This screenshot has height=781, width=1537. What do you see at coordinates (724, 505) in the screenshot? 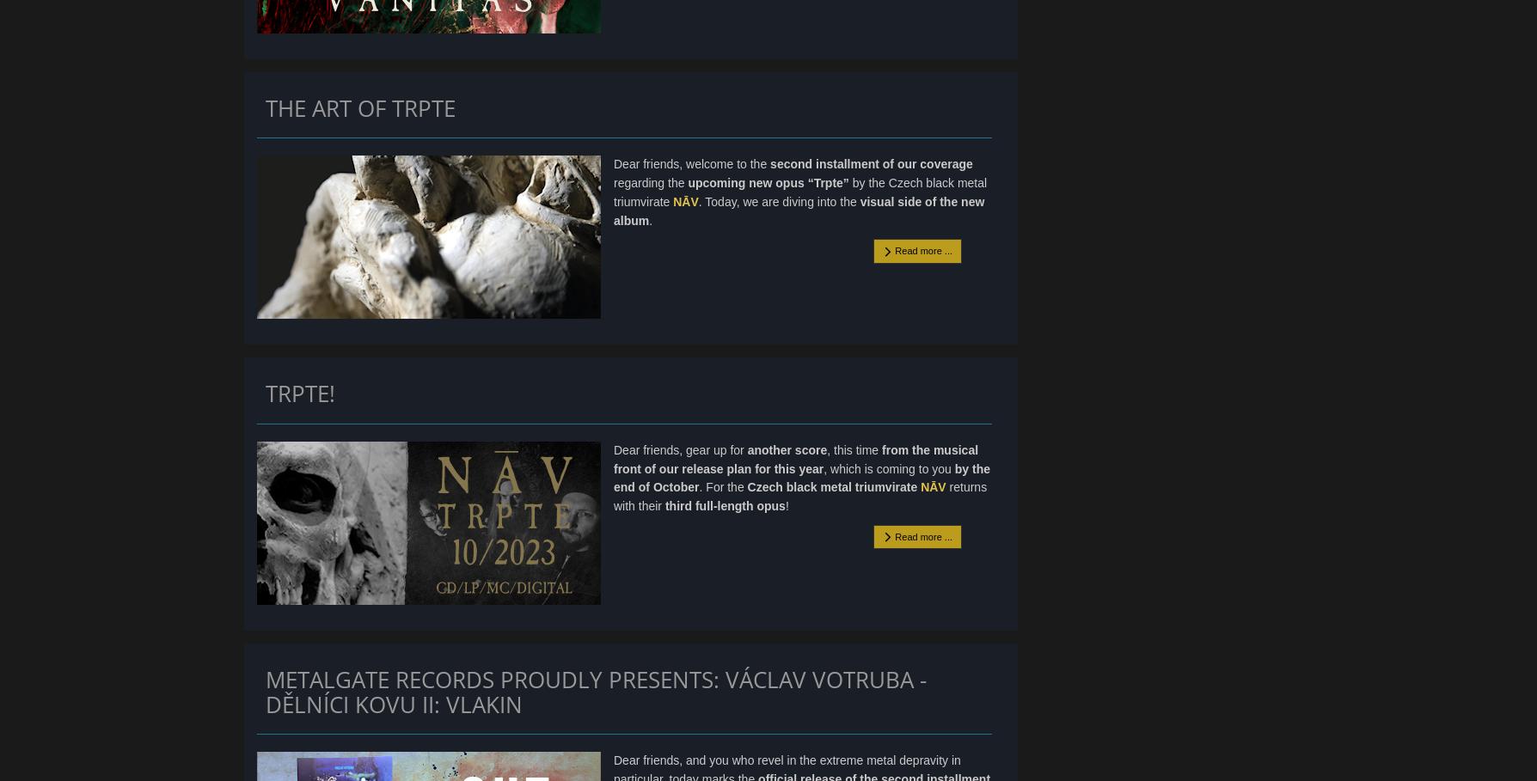
I see `'third full-length opus'` at bounding box center [724, 505].